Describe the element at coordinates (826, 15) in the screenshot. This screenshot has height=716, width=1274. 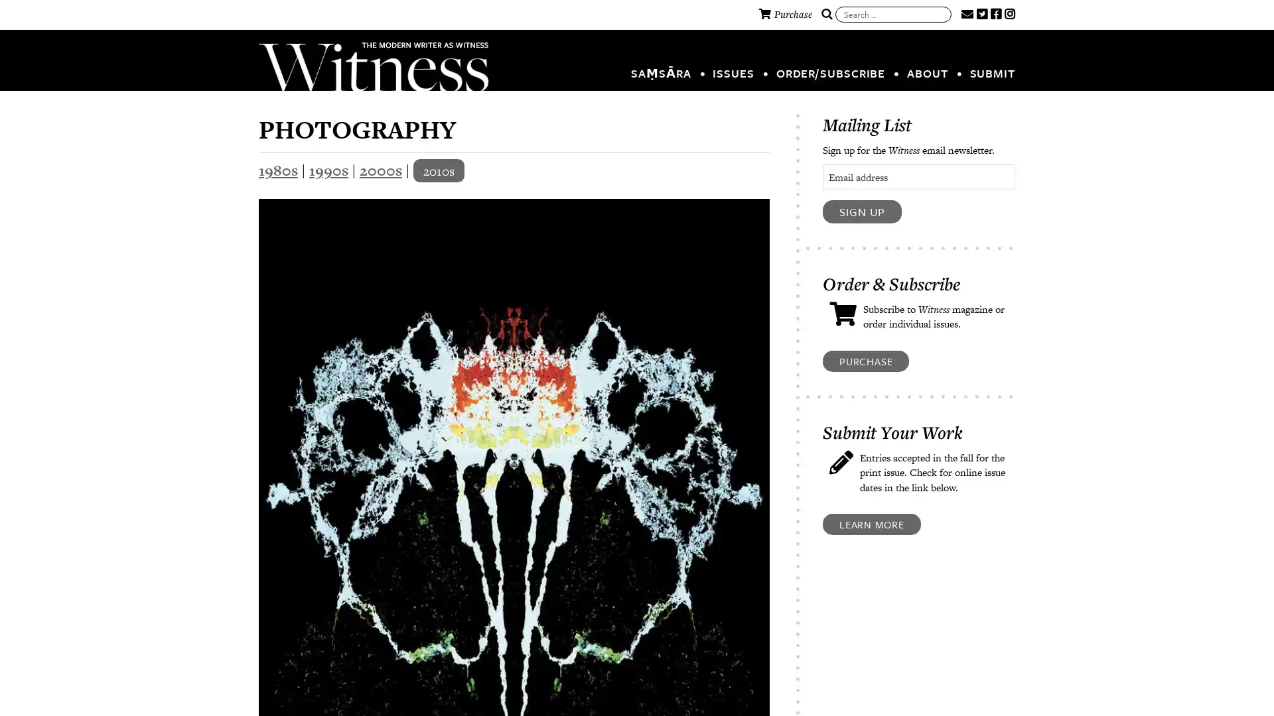
I see `Search` at that location.